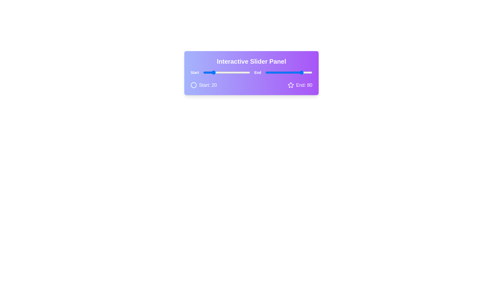 This screenshot has height=283, width=504. I want to click on the start slider, so click(235, 73).